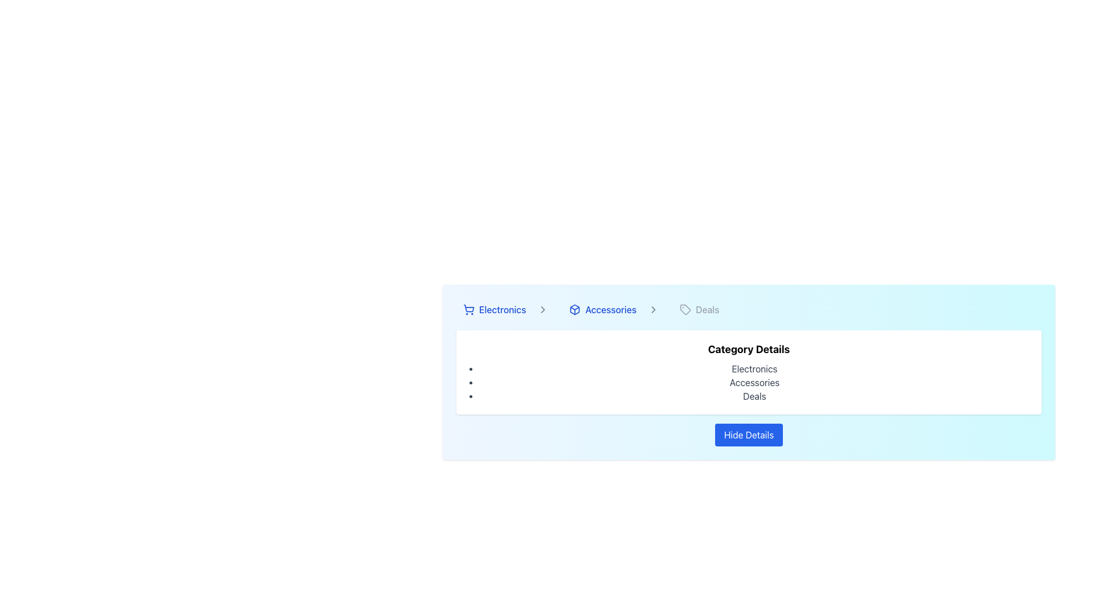 The width and height of the screenshot is (1094, 615). What do you see at coordinates (754, 382) in the screenshot?
I see `individual items in the Bullet List located below the 'Category Details' heading` at bounding box center [754, 382].